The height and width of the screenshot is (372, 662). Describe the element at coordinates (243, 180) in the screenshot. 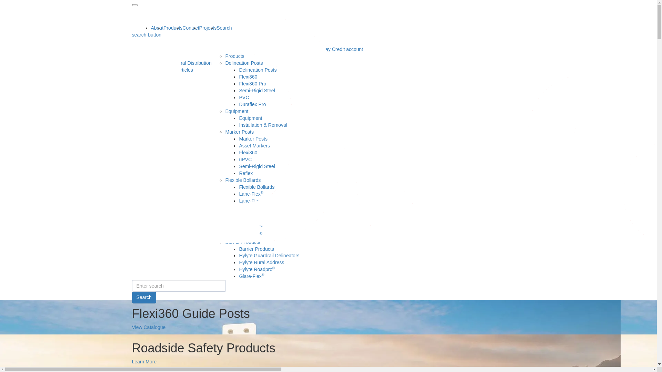

I see `'Flexible Bollards'` at that location.